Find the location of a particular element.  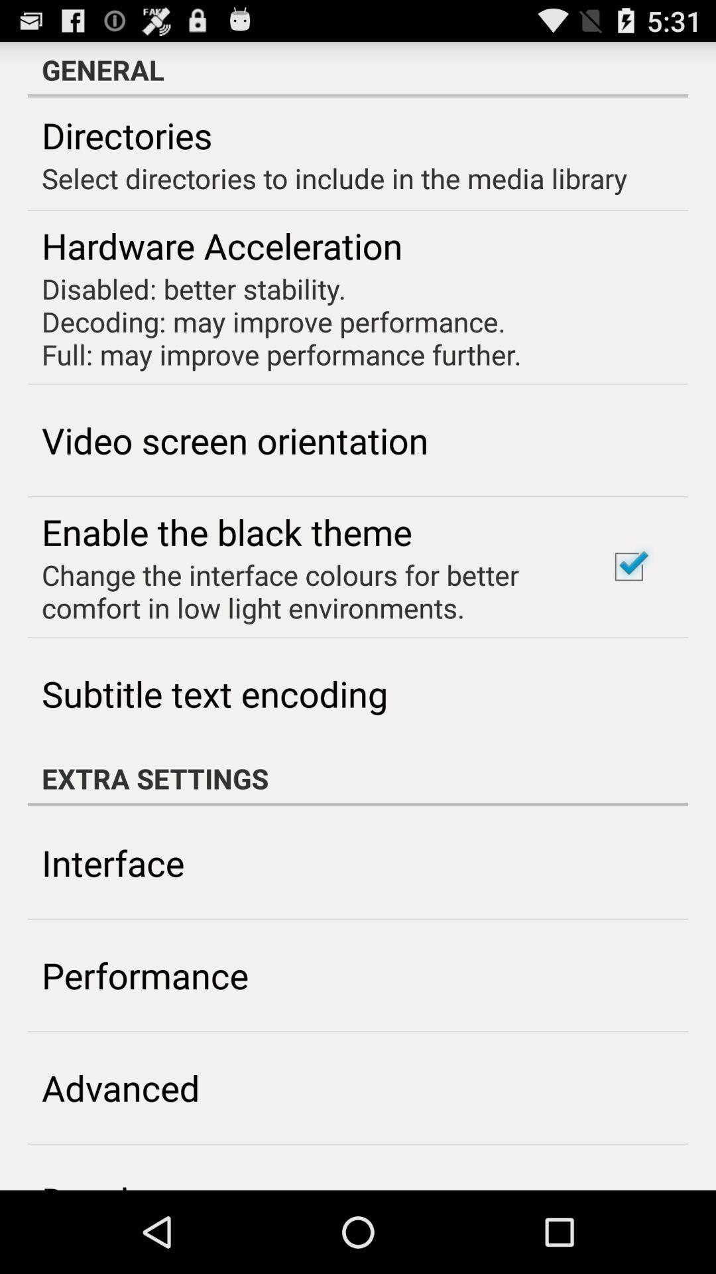

app below the advanced icon is located at coordinates (121, 1183).